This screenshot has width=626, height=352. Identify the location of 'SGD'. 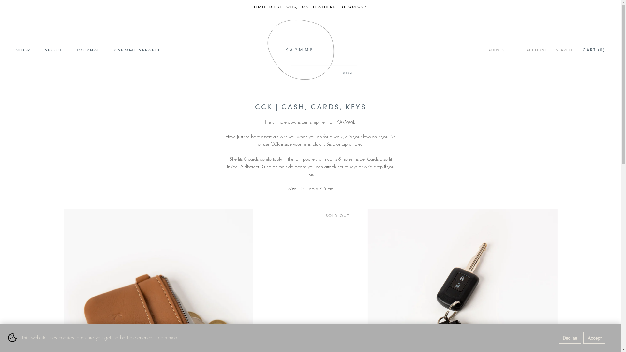
(505, 98).